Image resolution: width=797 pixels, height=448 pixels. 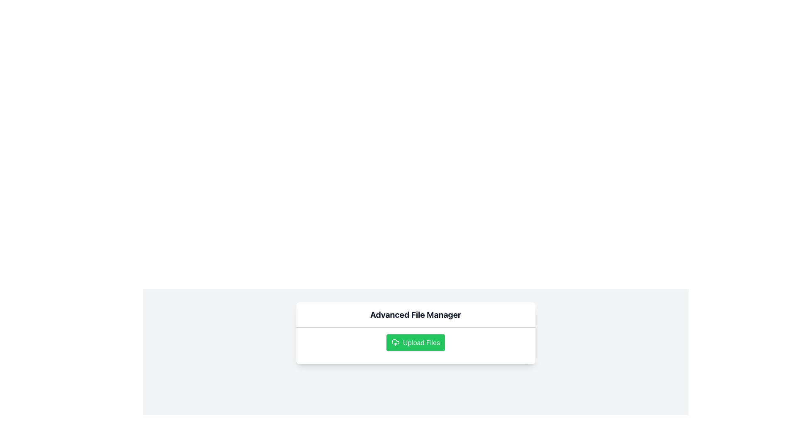 I want to click on the upload button located within the white card below the 'Advanced File Manager' heading to initiate the file upload process, so click(x=416, y=346).